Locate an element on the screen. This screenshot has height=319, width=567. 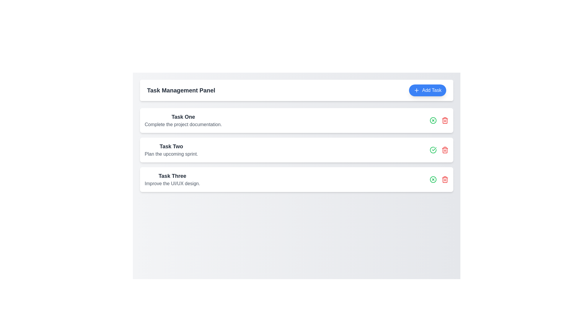
the red trash icon located on the right side of the second task card in the task list is located at coordinates (445, 120).